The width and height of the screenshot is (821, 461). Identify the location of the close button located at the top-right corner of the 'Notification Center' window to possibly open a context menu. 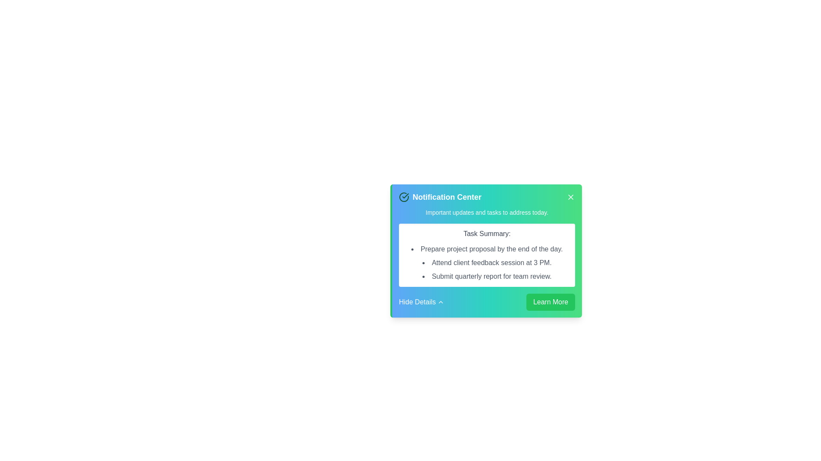
(570, 197).